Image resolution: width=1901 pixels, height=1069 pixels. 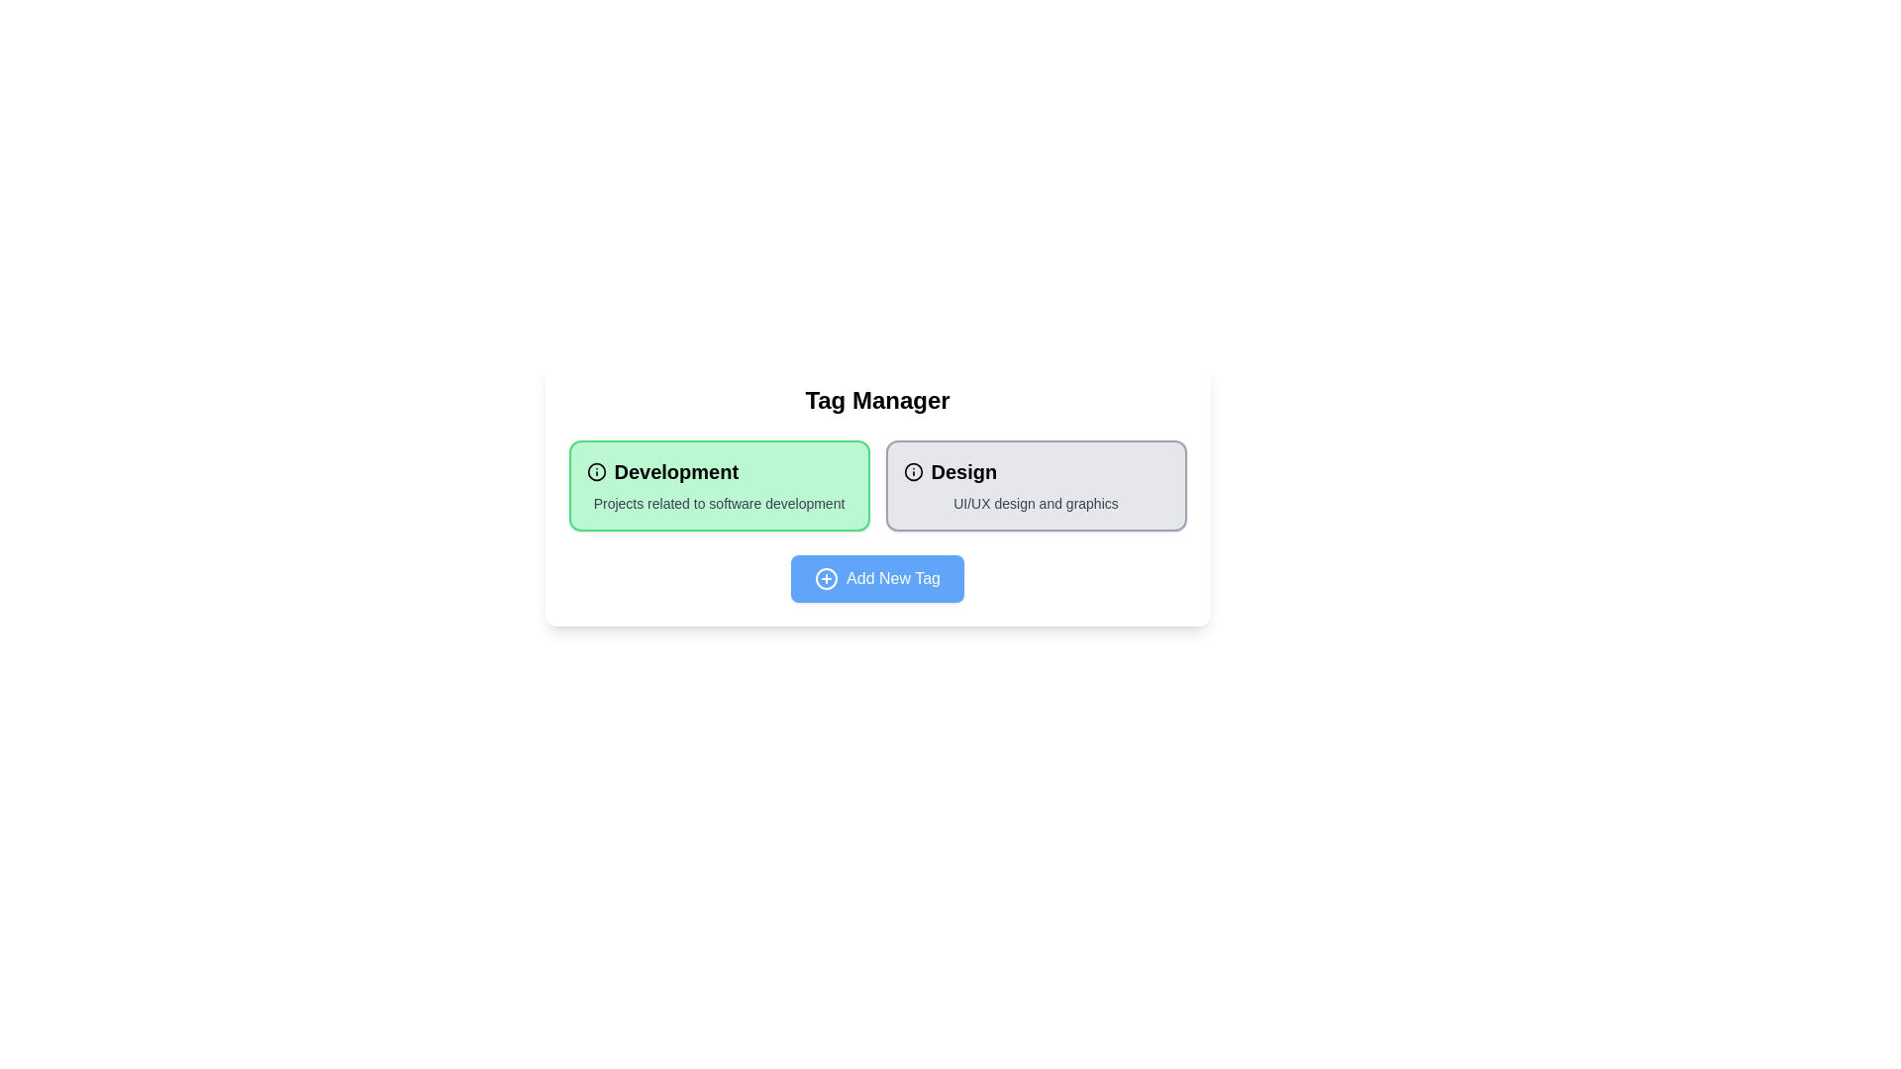 What do you see at coordinates (718, 485) in the screenshot?
I see `the first clickable card in the left column of the two-column grid layout` at bounding box center [718, 485].